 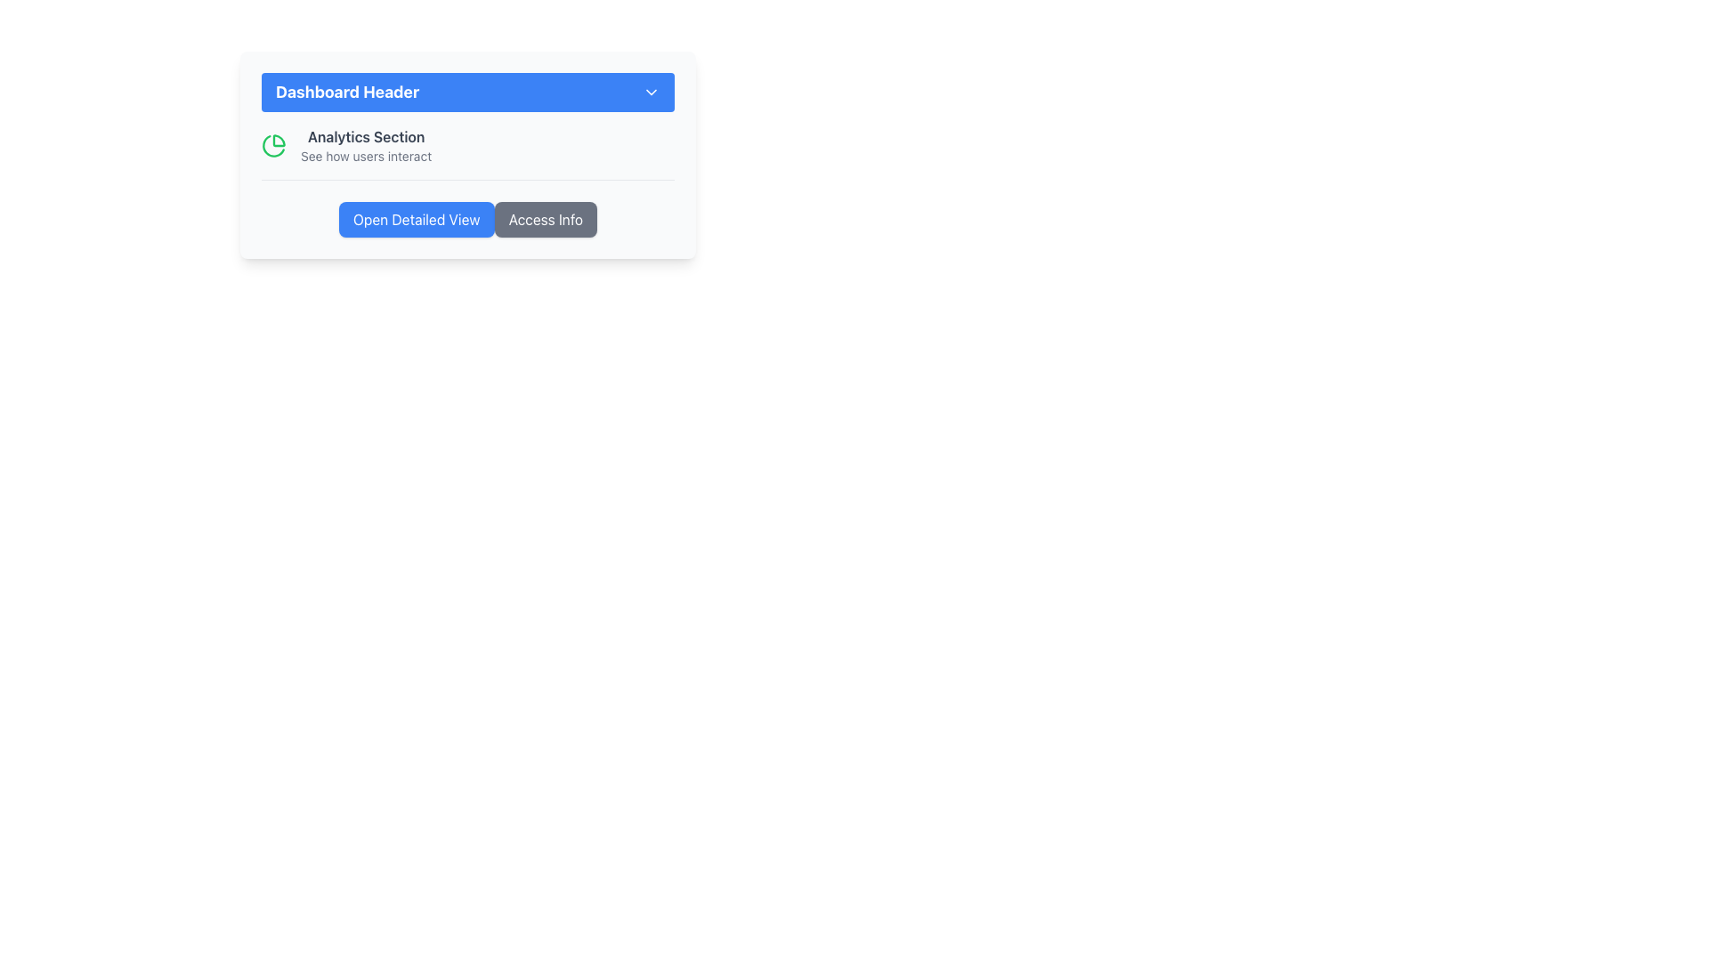 I want to click on the first button in the 'Analytics Section' to make it active, so click(x=416, y=218).